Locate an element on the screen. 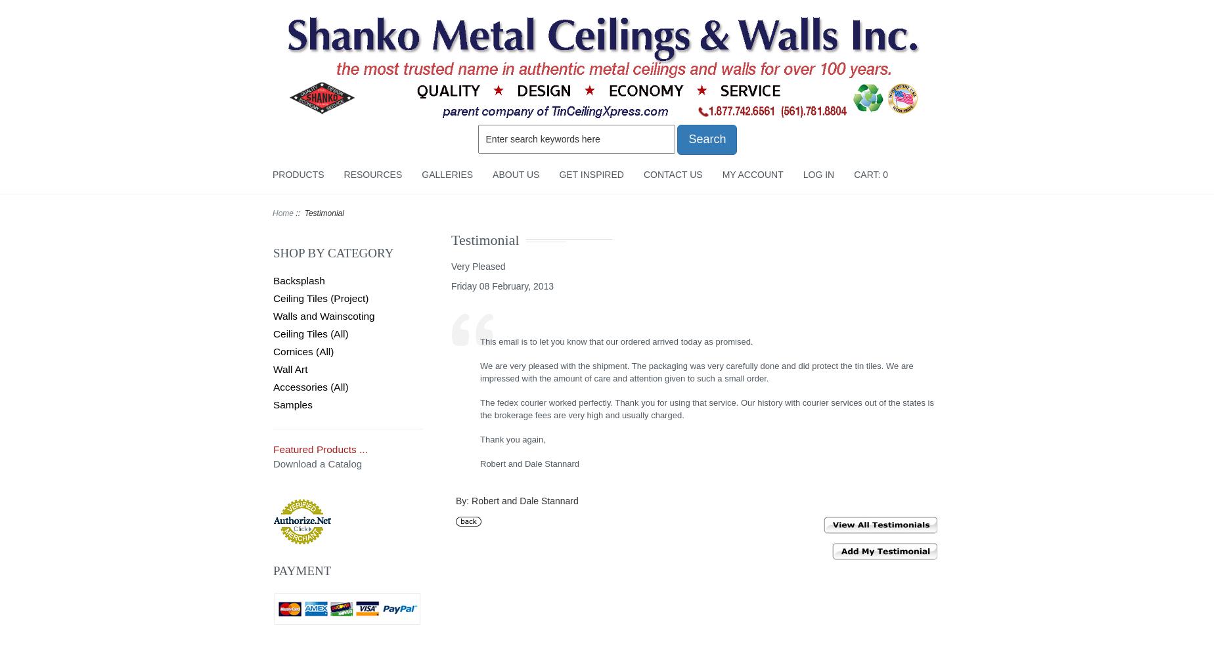 The image size is (1225, 650). 'Friday 08 February, 2013' is located at coordinates (502, 285).